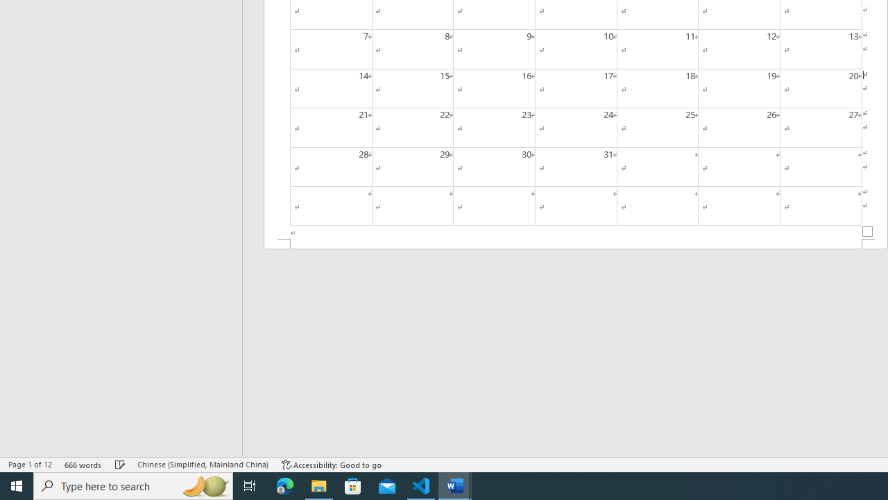 The width and height of the screenshot is (888, 500). I want to click on 'Footer -Section 1-', so click(576, 243).